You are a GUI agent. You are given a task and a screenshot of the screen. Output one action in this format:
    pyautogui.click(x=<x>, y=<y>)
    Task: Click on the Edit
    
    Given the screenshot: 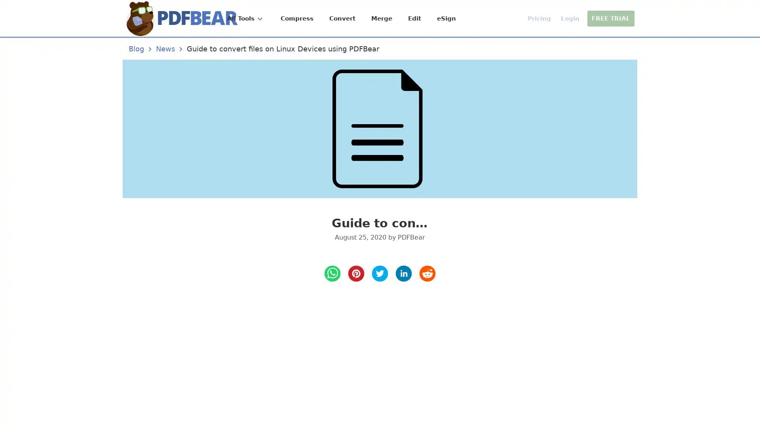 What is the action you would take?
    pyautogui.click(x=414, y=18)
    